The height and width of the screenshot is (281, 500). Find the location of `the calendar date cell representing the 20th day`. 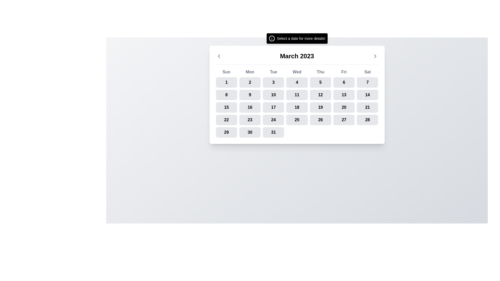

the calendar date cell representing the 20th day is located at coordinates (344, 107).